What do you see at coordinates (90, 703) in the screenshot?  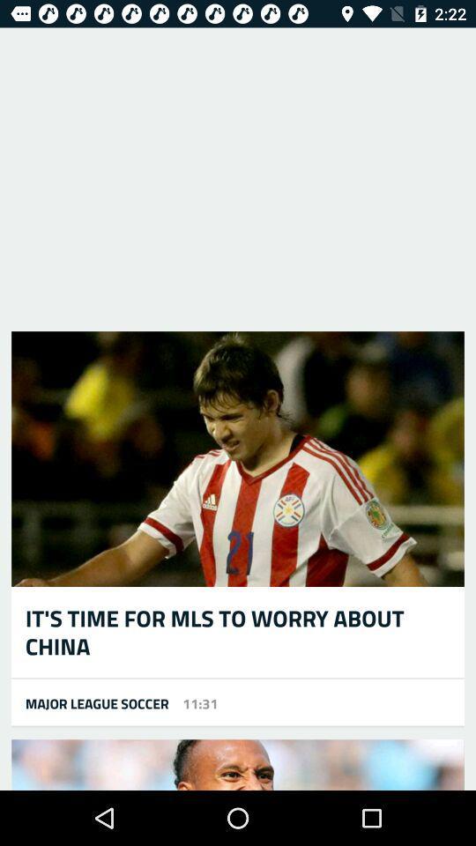 I see `major league soccer icon` at bounding box center [90, 703].